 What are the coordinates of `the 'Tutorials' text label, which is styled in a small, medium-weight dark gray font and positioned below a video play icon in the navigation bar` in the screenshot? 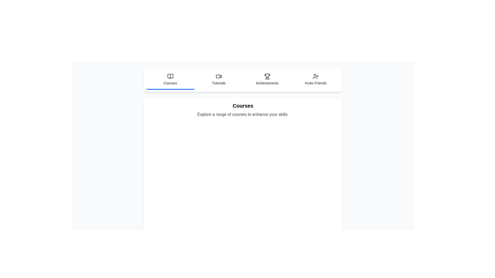 It's located at (219, 83).